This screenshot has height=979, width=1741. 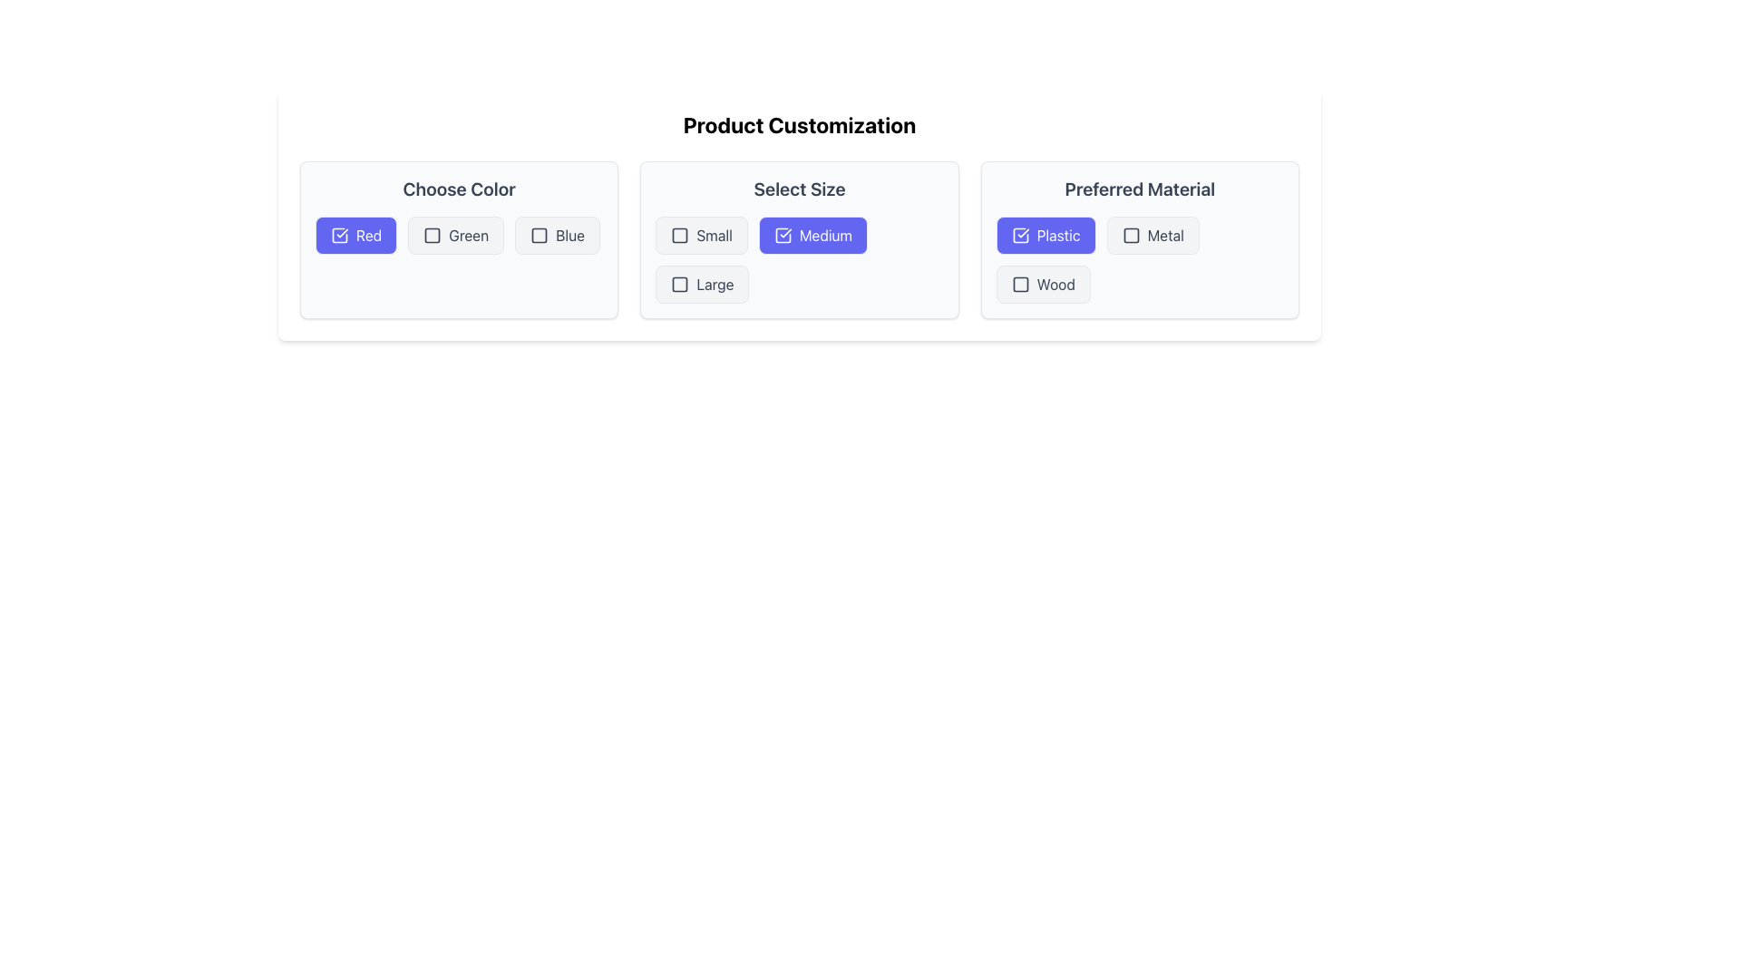 I want to click on the text label that describes the checkbox option in the 'Preferred Material' section, located to the right of the checkbox in the second column, so click(x=1165, y=234).